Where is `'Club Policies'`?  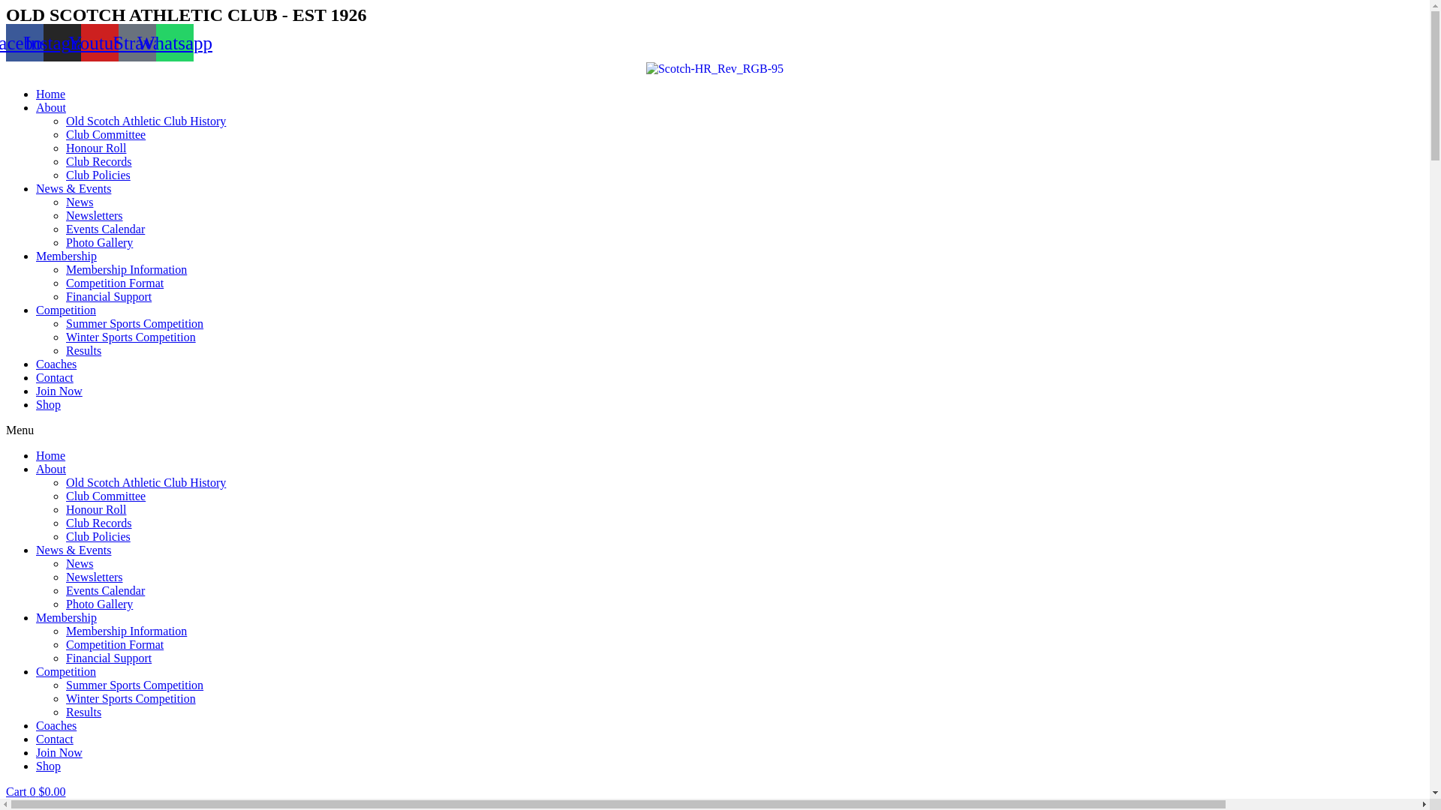
'Club Policies' is located at coordinates (97, 535).